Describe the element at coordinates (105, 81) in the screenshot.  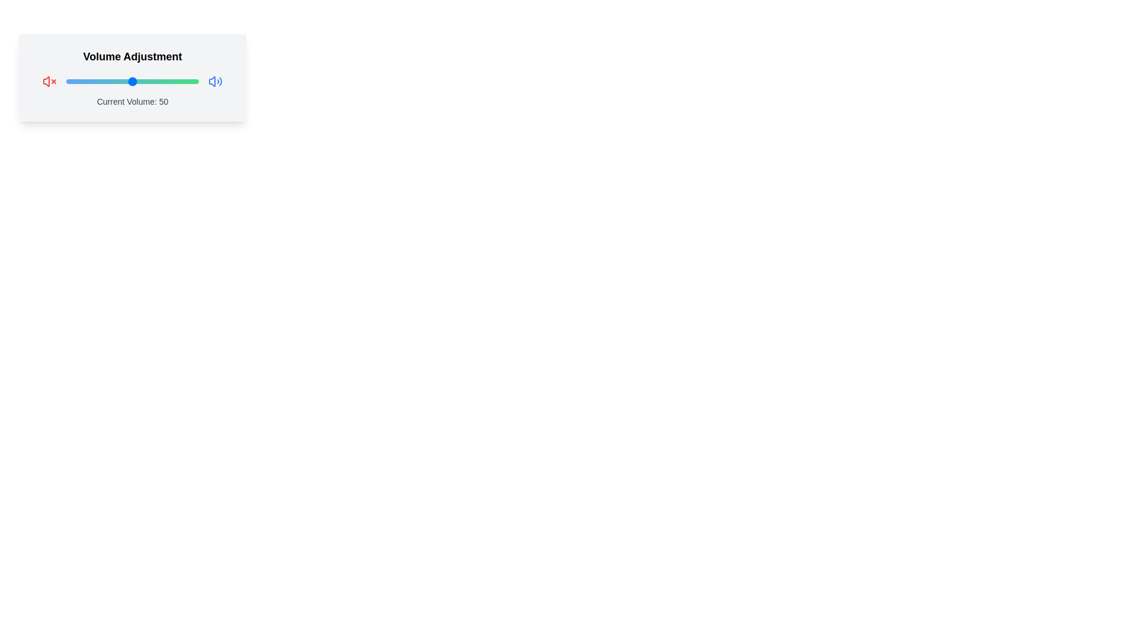
I see `the slider to set the volume to 29` at that location.